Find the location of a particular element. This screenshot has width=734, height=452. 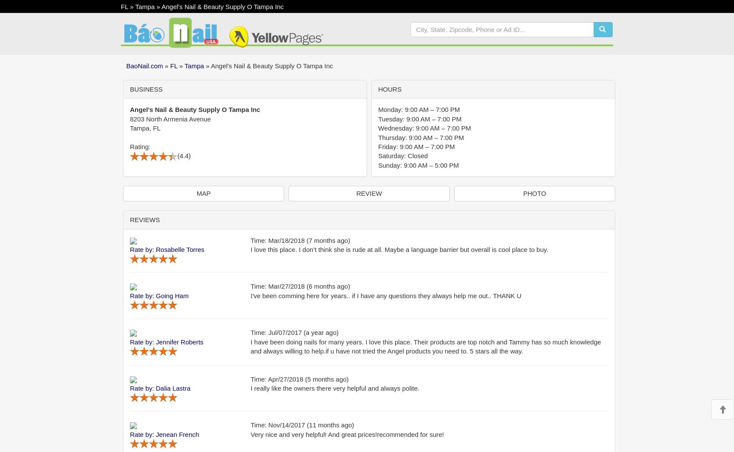

'»
        Angel's Nail & Beauty Supply O Tampa Inc' is located at coordinates (268, 65).